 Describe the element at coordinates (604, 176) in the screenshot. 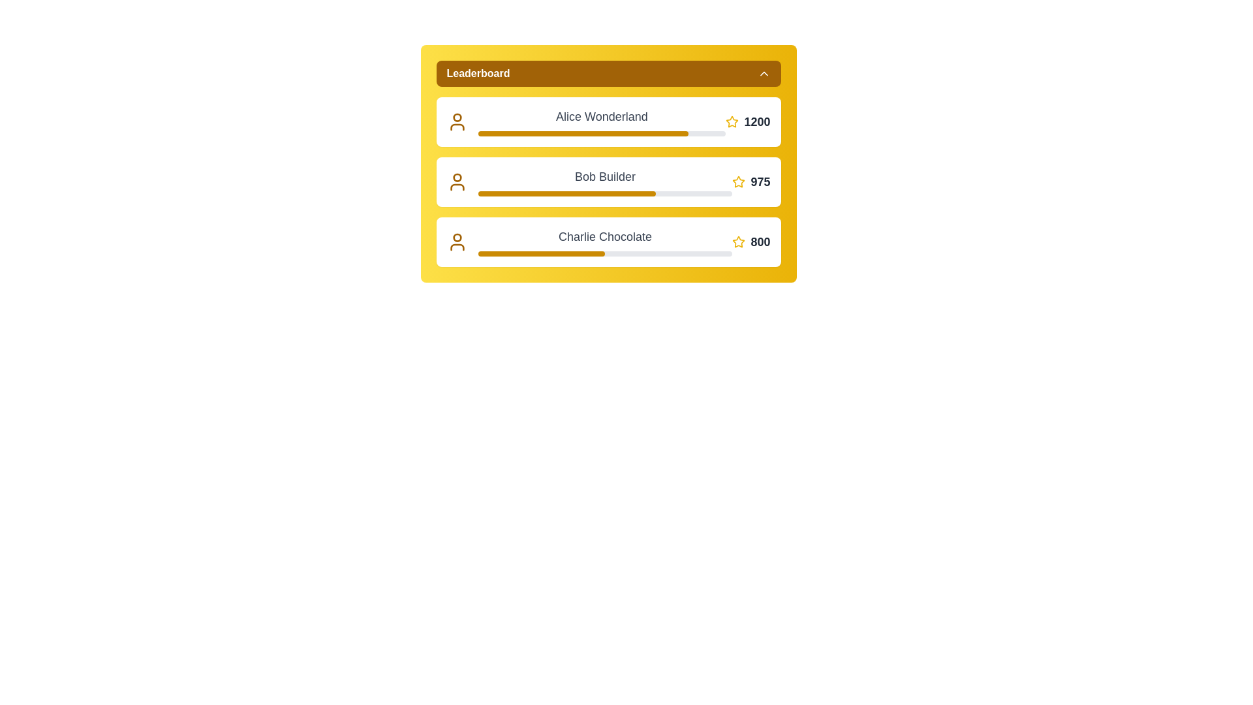

I see `text label displaying 'Bob Builder' in the leaderboard panel, which is located below 'Alice Wonderland' and above 'Charlie Chocolate'` at that location.